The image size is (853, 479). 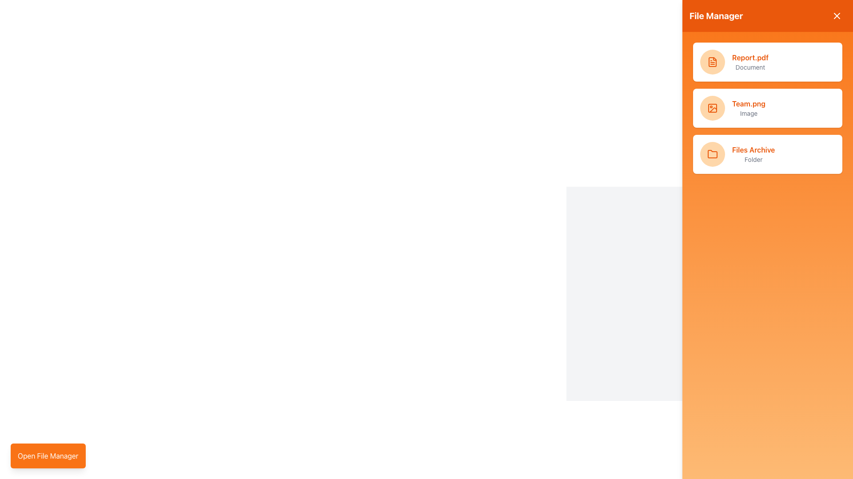 What do you see at coordinates (712, 107) in the screenshot?
I see `the 'Team.png' icon located at the leftmost position of the rectangular button labeled 'Team.png' for interaction` at bounding box center [712, 107].